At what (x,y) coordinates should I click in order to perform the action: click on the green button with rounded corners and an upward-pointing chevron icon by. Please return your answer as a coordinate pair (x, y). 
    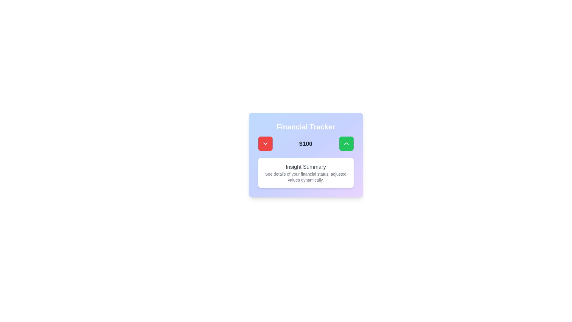
    Looking at the image, I should click on (346, 144).